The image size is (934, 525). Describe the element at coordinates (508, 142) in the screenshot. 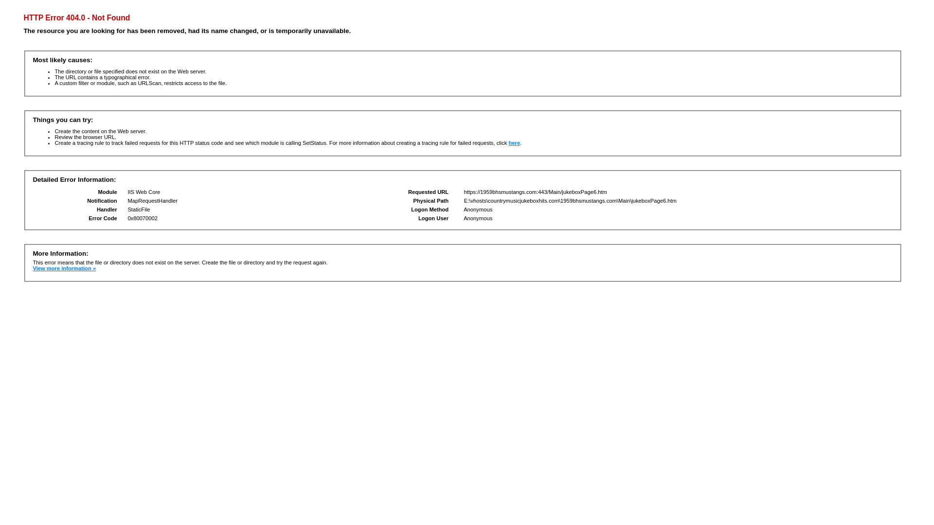

I see `'here'` at that location.